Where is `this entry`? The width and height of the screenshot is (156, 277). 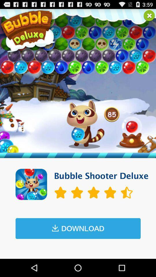 this entry is located at coordinates (149, 15).